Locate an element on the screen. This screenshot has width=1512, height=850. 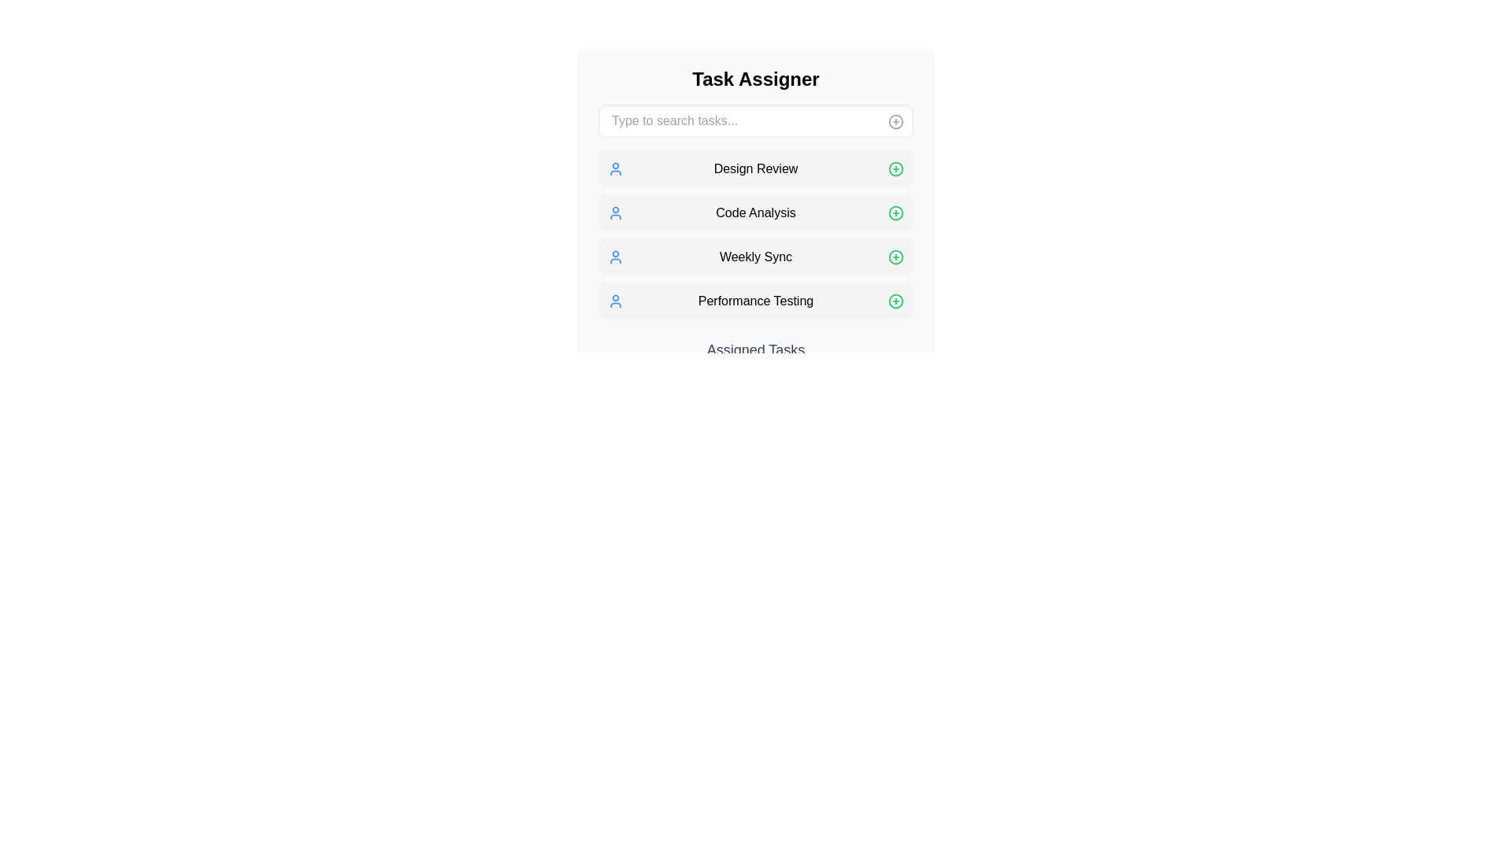
the button related to the 'Design Review' task located to the far right of the row, visually separate from the text and other icons is located at coordinates (895, 169).